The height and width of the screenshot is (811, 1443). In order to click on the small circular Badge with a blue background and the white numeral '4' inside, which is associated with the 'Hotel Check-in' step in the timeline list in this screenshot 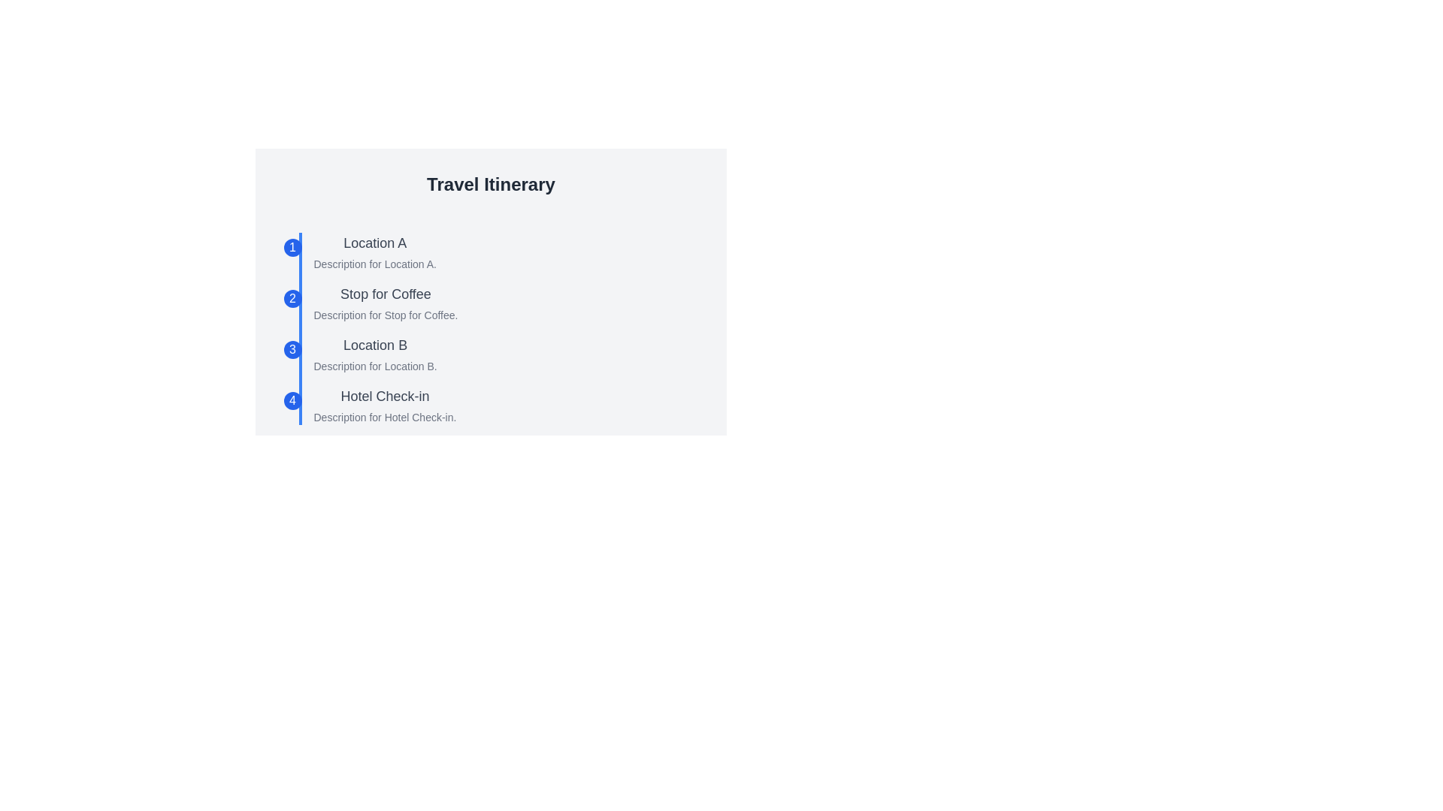, I will do `click(292, 399)`.